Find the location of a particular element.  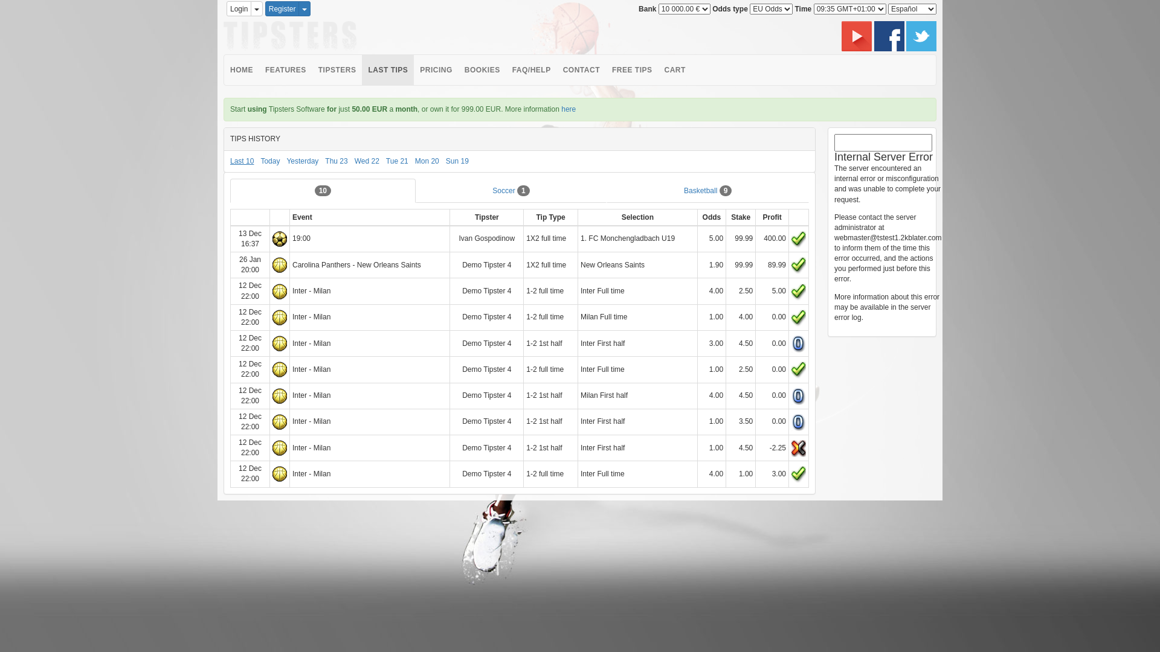

'Mon 20' is located at coordinates (427, 160).